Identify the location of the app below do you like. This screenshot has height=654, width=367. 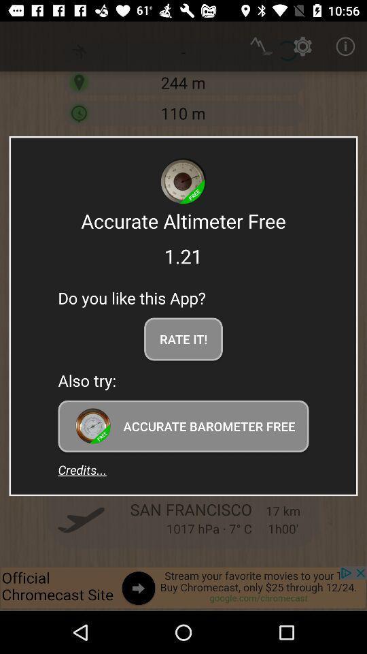
(183, 338).